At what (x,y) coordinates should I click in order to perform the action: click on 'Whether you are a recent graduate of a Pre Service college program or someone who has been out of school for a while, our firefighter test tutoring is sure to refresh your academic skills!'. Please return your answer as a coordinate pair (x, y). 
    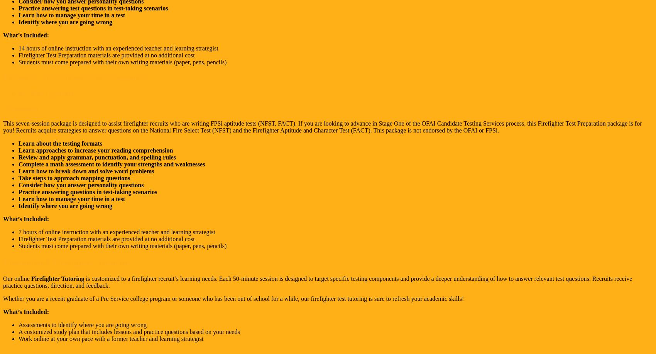
    Looking at the image, I should click on (233, 299).